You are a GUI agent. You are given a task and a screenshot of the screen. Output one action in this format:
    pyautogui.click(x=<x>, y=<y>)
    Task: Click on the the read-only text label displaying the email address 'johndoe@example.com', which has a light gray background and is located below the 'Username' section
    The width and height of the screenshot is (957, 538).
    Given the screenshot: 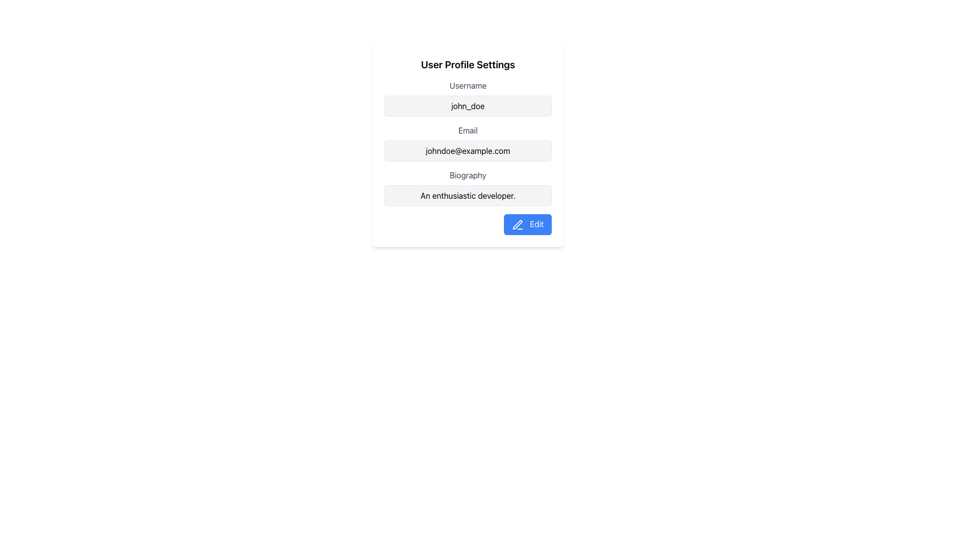 What is the action you would take?
    pyautogui.click(x=468, y=151)
    